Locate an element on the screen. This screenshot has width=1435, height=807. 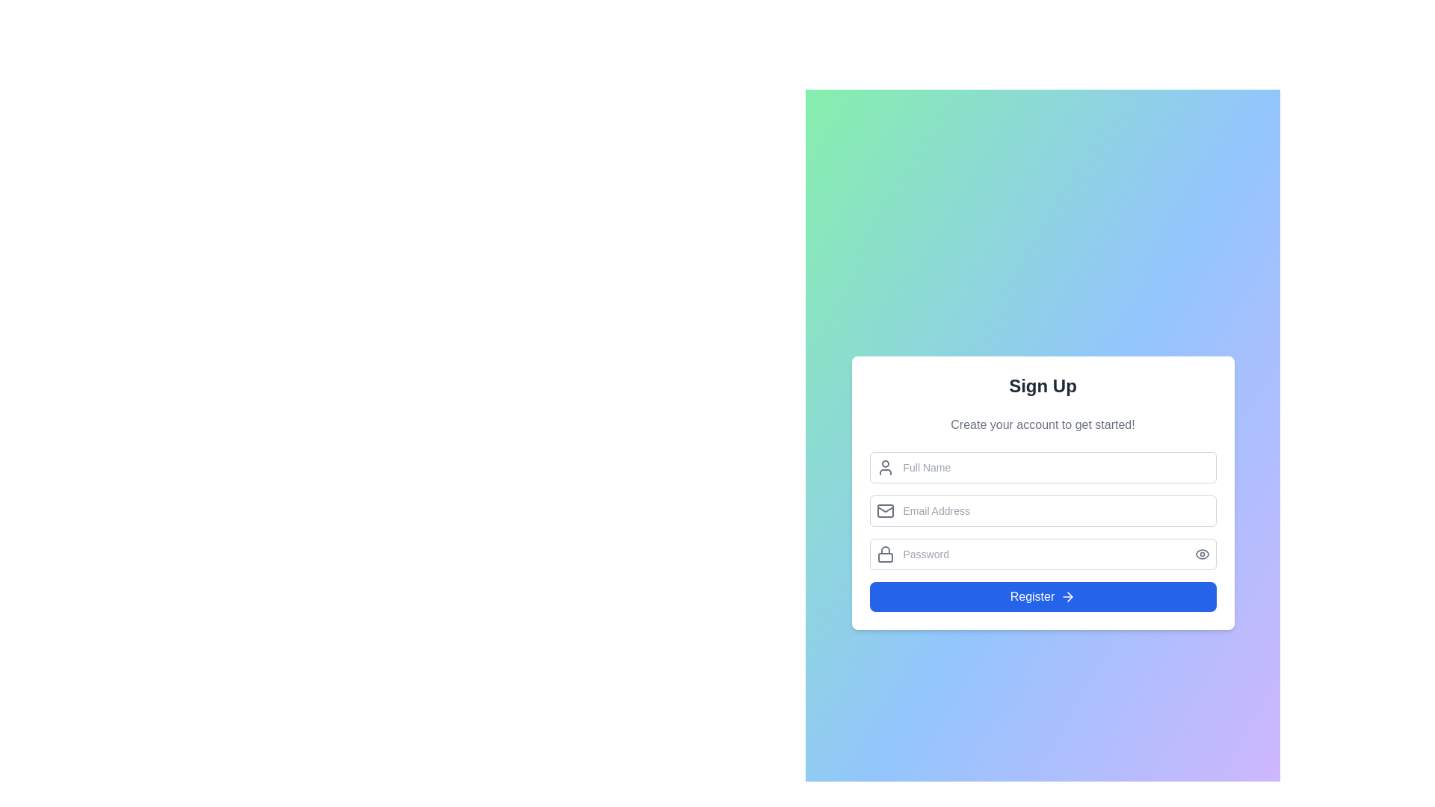
the lock icon, which is a dark gray padlock symbol positioned at the start of the password input field in the lower half of the sign-up form is located at coordinates (885, 554).